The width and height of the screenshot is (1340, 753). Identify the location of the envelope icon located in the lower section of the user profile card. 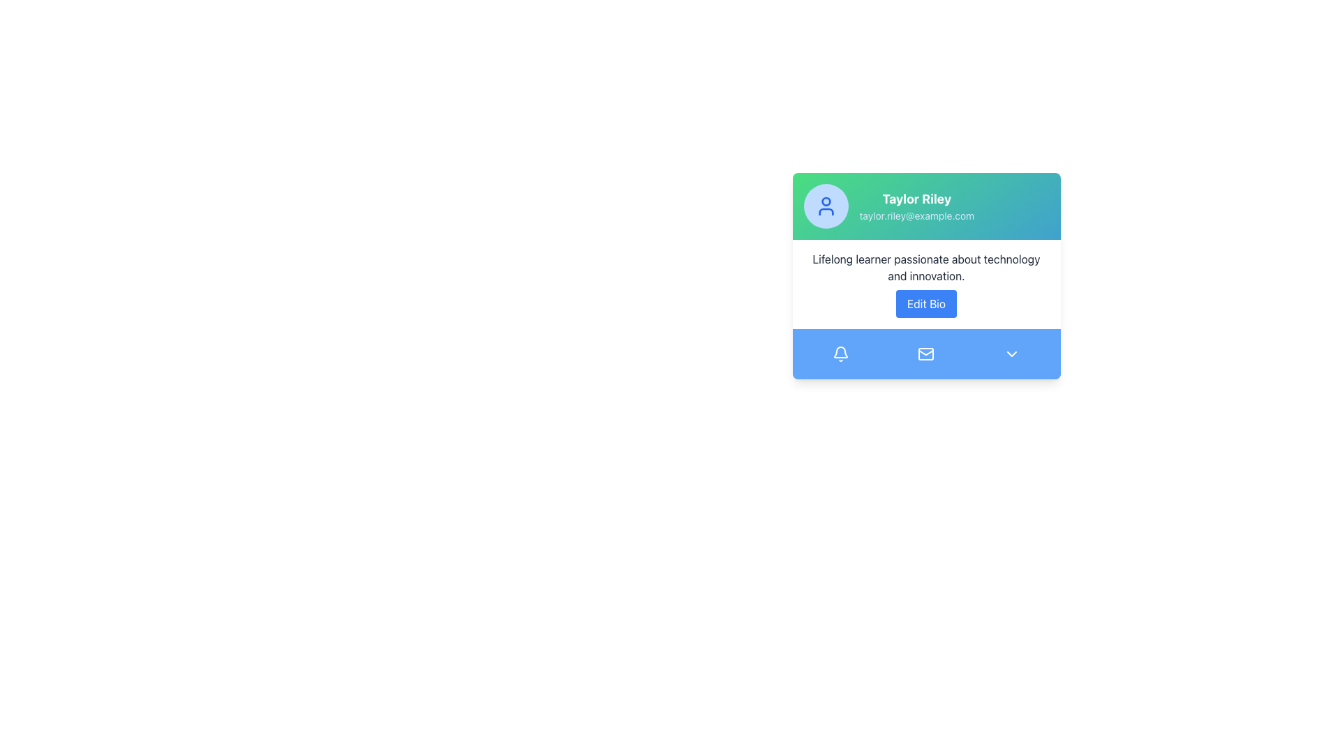
(926, 353).